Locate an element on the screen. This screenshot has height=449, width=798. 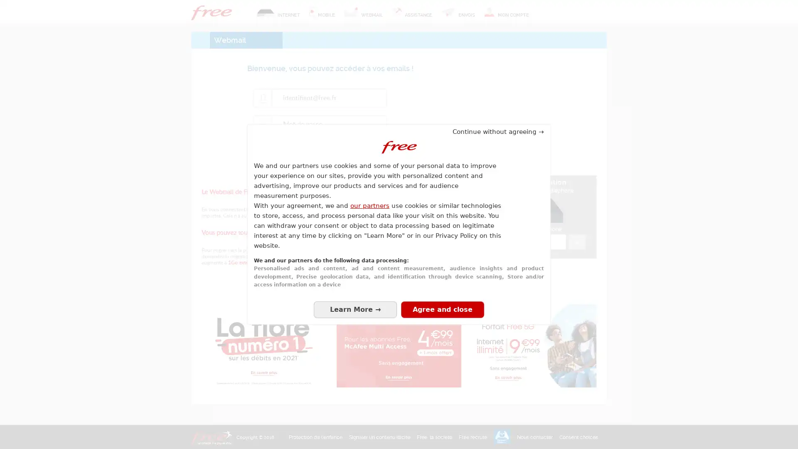
Configure your consents is located at coordinates (355, 309).